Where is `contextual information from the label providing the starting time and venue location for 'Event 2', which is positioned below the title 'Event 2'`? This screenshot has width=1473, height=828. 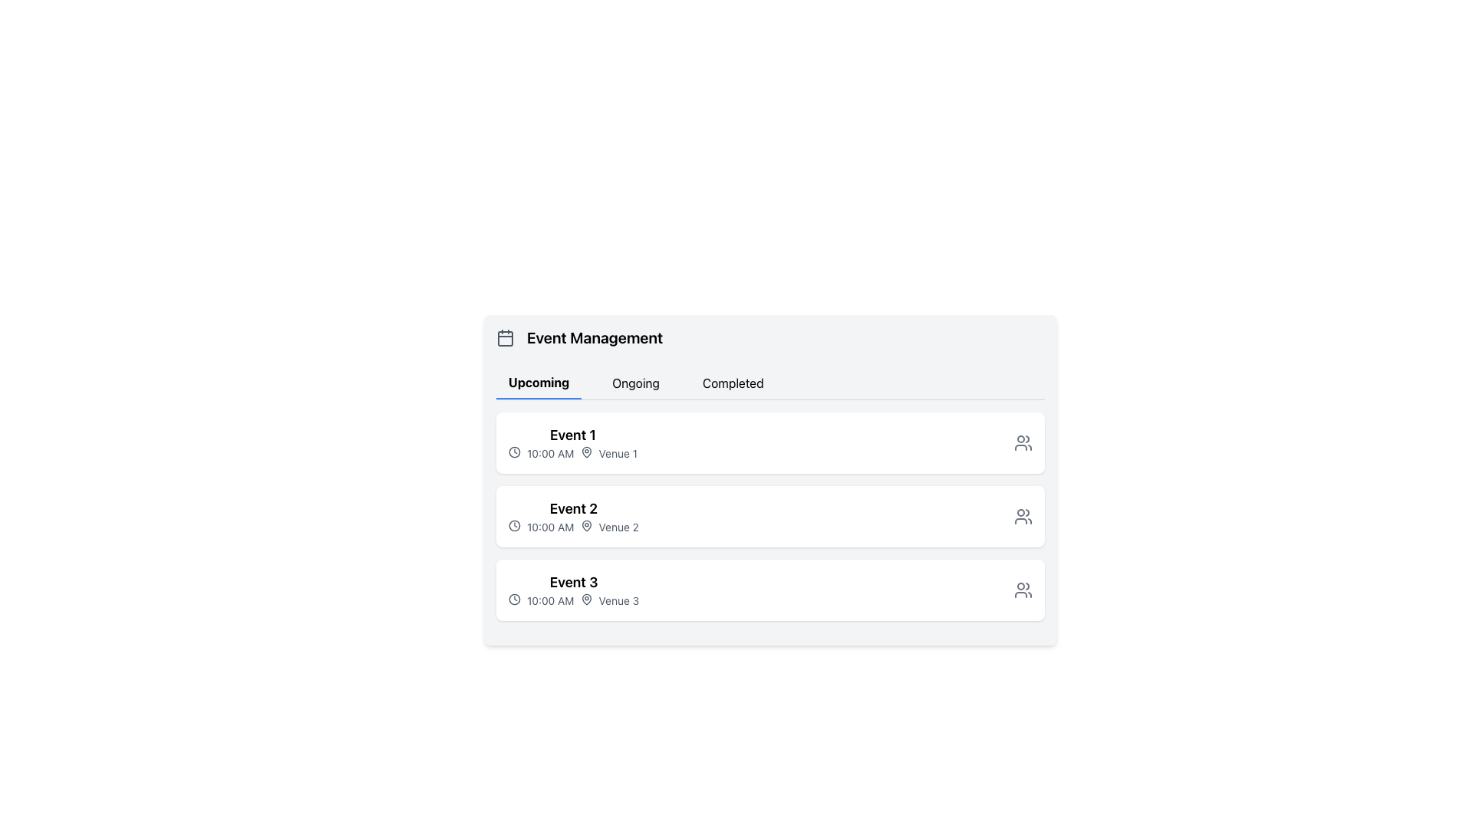
contextual information from the label providing the starting time and venue location for 'Event 2', which is positioned below the title 'Event 2' is located at coordinates (573, 526).